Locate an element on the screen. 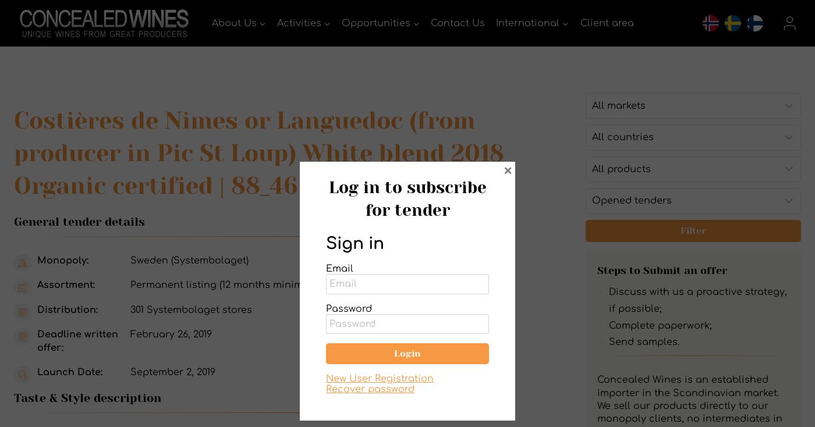  'Send samples.' is located at coordinates (608, 342).